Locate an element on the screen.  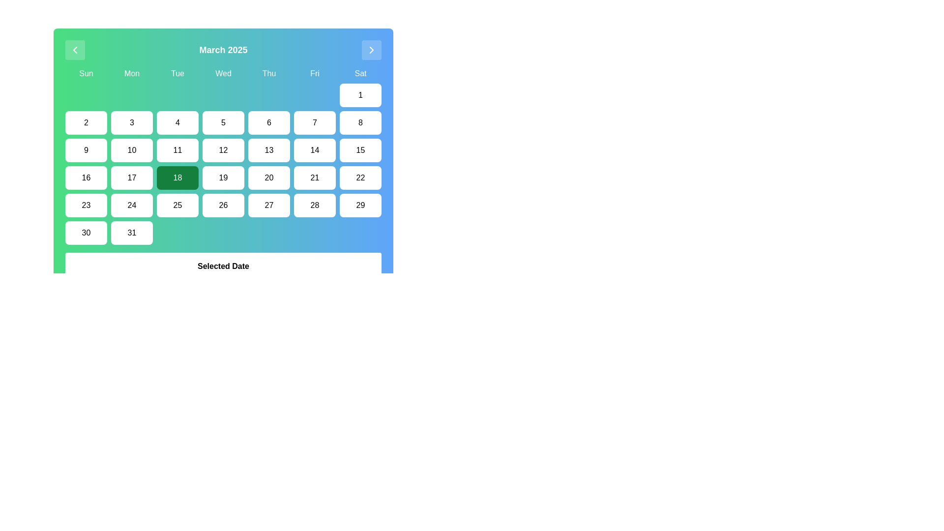
the button representing the date '2' of March 2025 located under the 'Sun' header in the first column and second row of the calendar grid is located at coordinates (86, 122).